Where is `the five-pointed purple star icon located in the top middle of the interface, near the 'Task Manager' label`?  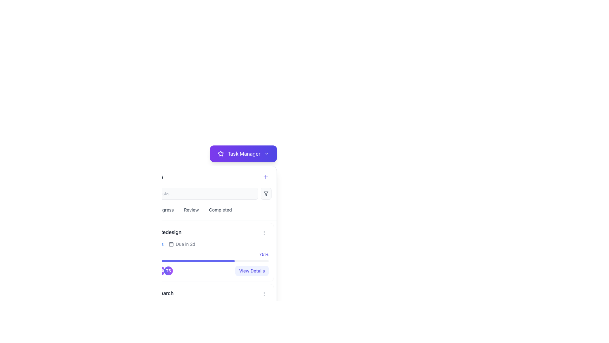 the five-pointed purple star icon located in the top middle of the interface, near the 'Task Manager' label is located at coordinates (220, 153).